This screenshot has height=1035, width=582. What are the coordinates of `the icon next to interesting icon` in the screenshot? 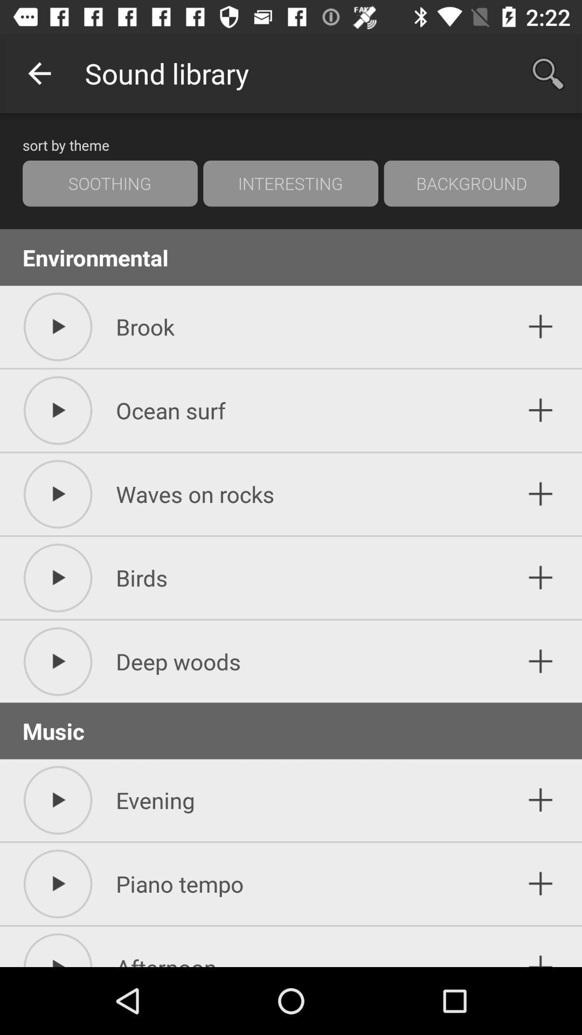 It's located at (110, 183).